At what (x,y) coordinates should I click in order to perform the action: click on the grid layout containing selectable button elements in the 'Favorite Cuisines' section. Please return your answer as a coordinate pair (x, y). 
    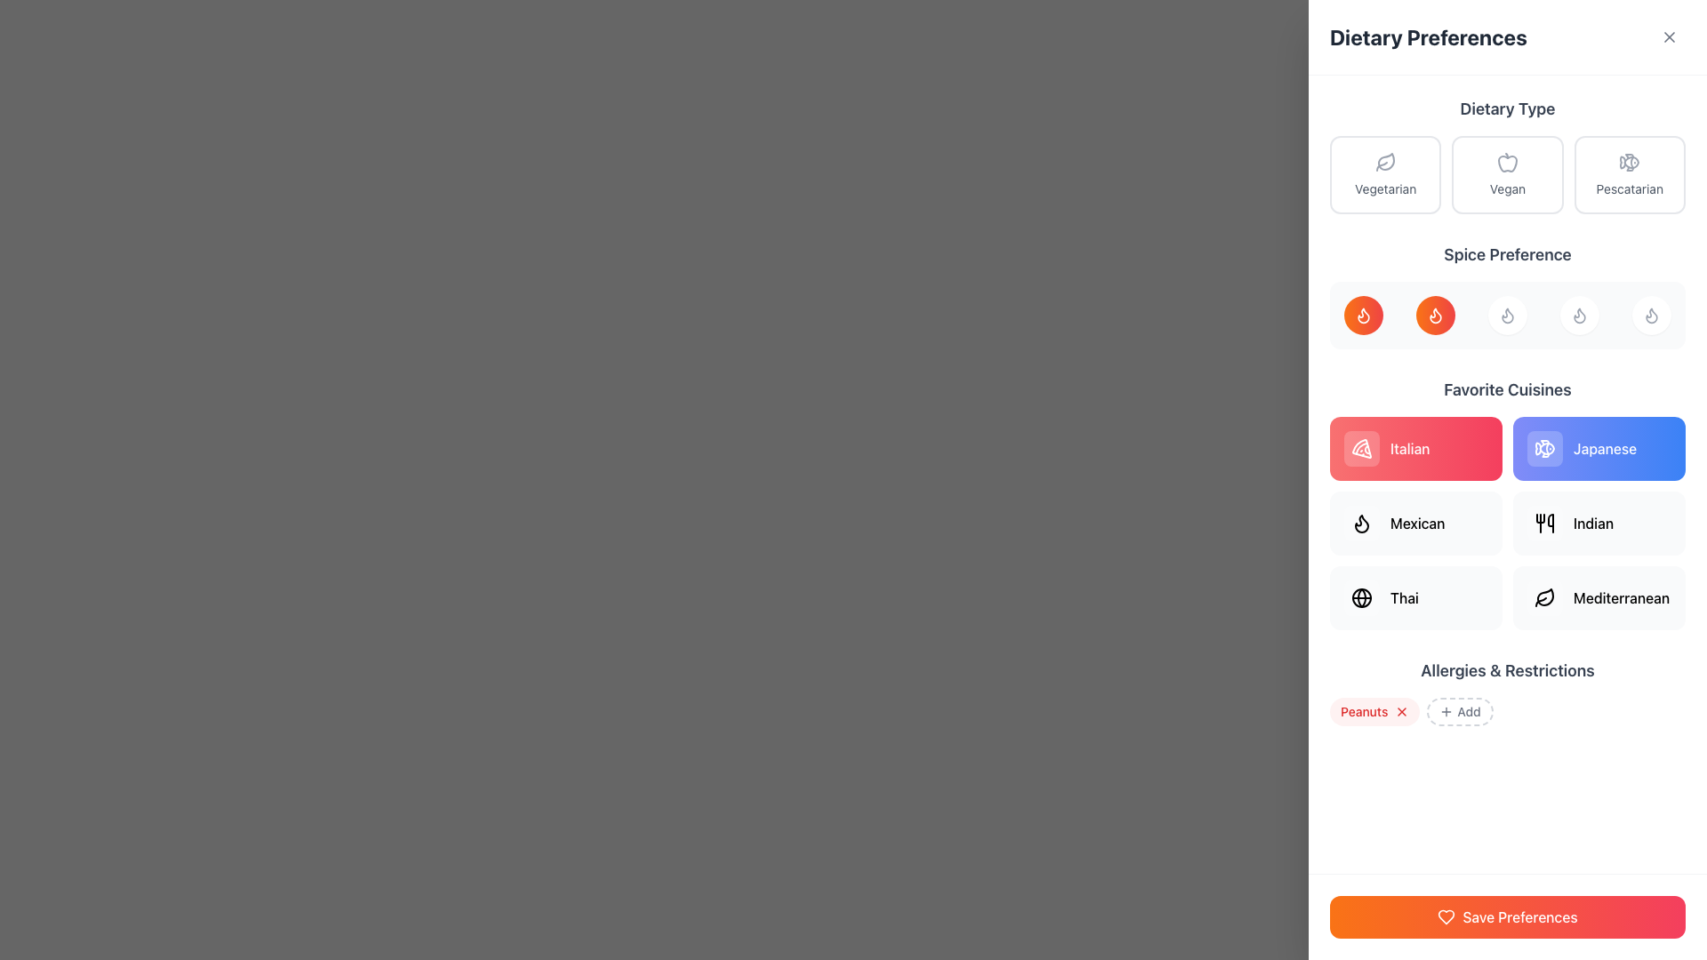
    Looking at the image, I should click on (1506, 523).